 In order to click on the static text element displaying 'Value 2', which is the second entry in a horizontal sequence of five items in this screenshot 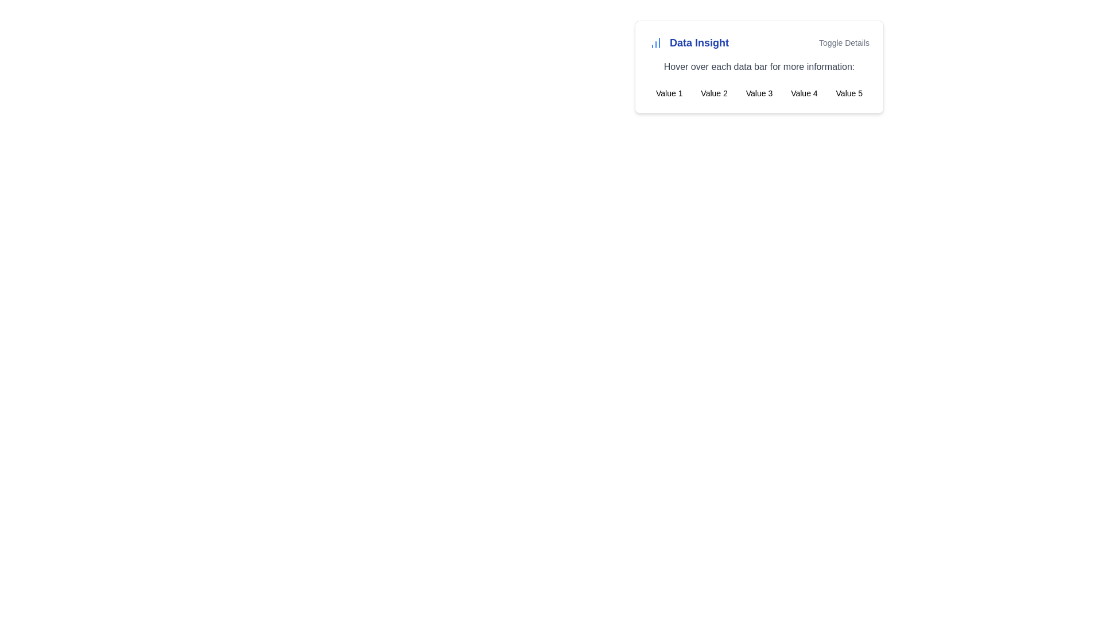, I will do `click(713, 90)`.